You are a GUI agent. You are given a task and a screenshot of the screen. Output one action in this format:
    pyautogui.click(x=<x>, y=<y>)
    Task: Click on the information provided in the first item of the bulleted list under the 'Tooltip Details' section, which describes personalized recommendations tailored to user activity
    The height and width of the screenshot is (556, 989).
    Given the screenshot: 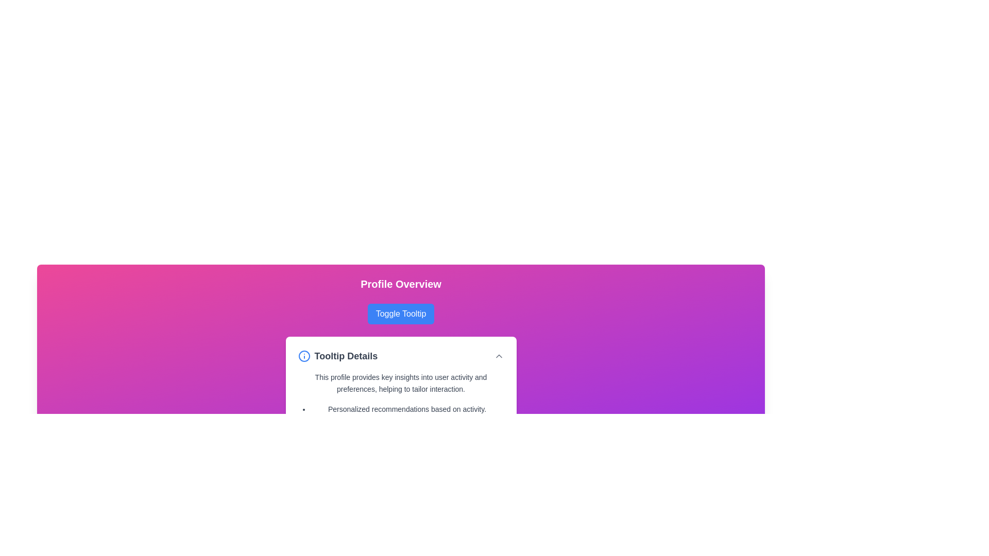 What is the action you would take?
    pyautogui.click(x=406, y=408)
    